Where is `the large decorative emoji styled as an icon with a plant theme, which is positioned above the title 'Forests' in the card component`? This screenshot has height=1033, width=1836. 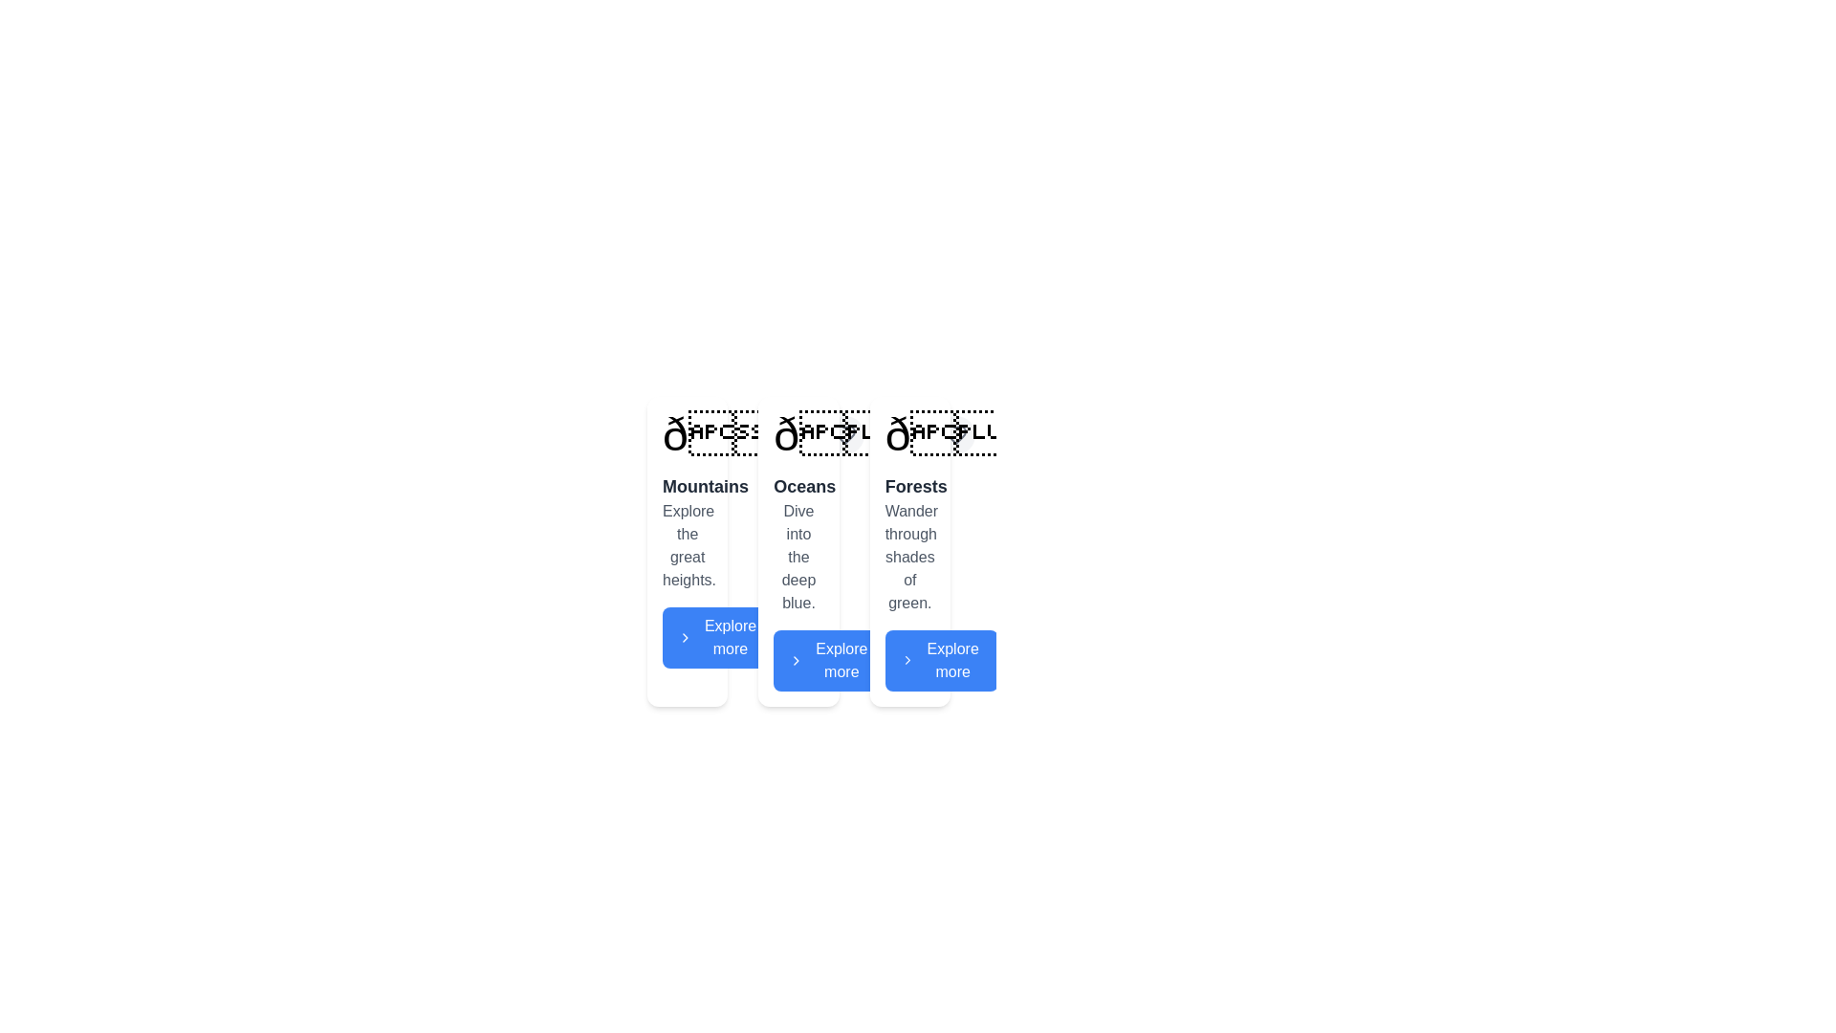
the large decorative emoji styled as an icon with a plant theme, which is positioned above the title 'Forests' in the card component is located at coordinates (908, 435).